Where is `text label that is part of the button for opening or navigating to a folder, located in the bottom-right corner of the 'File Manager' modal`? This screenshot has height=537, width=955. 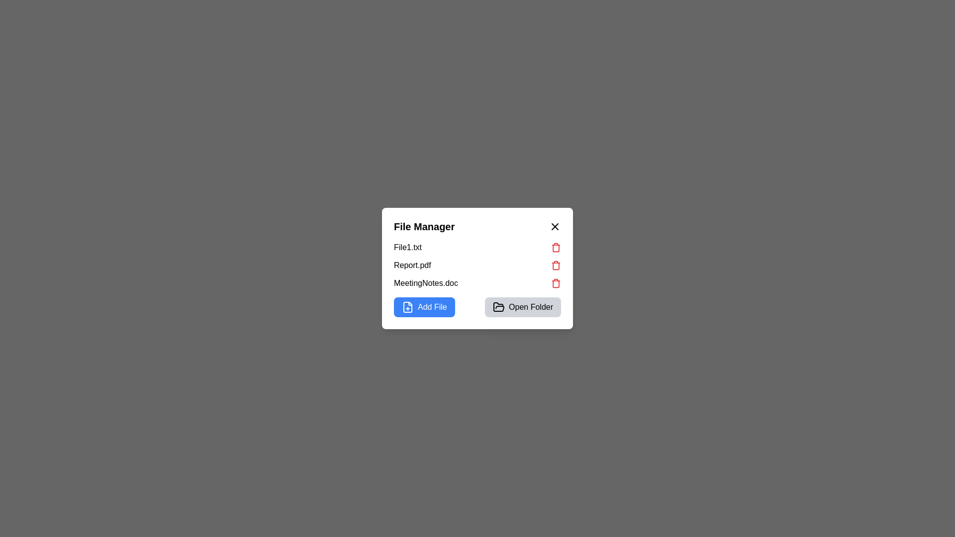
text label that is part of the button for opening or navigating to a folder, located in the bottom-right corner of the 'File Manager' modal is located at coordinates (530, 306).